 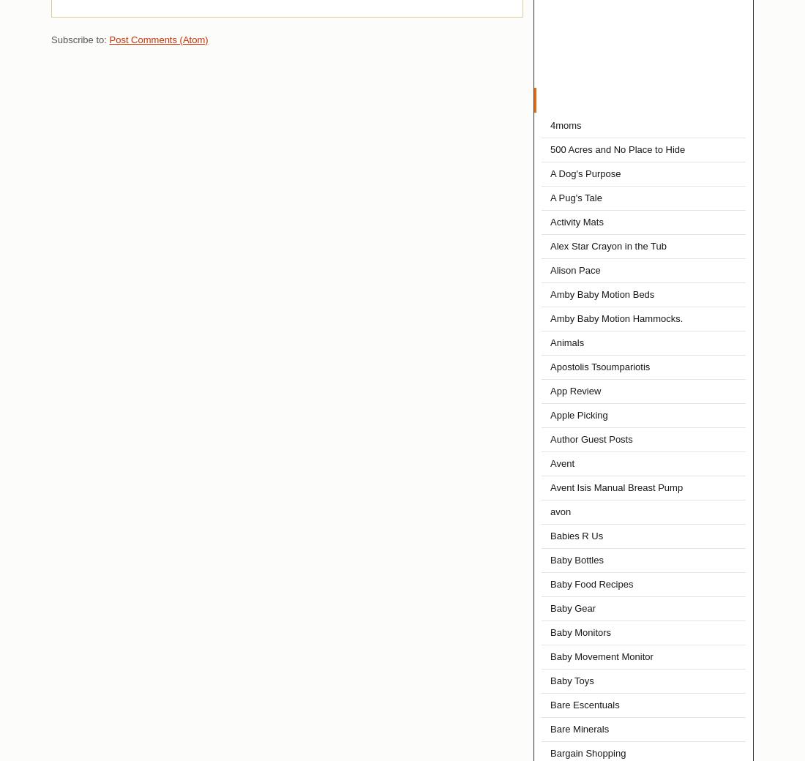 What do you see at coordinates (572, 681) in the screenshot?
I see `'Baby Toys'` at bounding box center [572, 681].